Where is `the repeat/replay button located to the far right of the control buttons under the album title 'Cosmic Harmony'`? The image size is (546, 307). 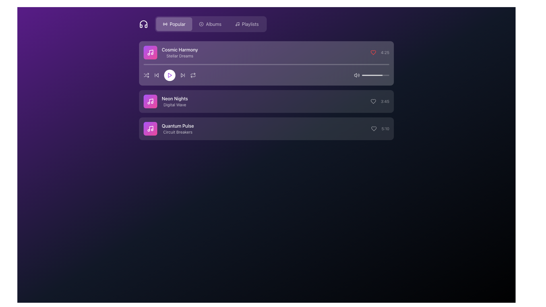
the repeat/replay button located to the far right of the control buttons under the album title 'Cosmic Harmony' is located at coordinates (193, 75).